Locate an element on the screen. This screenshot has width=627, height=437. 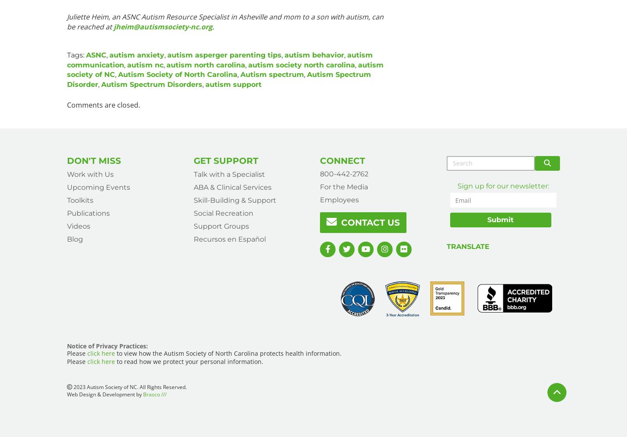
'Autism spectrum' is located at coordinates (272, 74).